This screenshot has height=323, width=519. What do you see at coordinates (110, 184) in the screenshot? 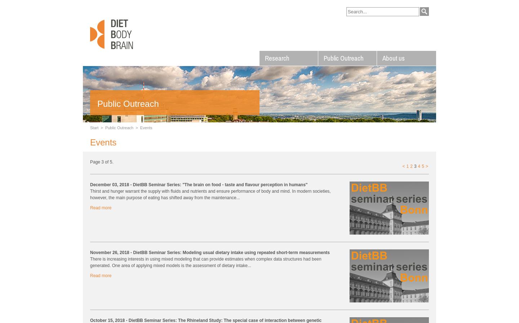
I see `'December 03, 2018'` at bounding box center [110, 184].